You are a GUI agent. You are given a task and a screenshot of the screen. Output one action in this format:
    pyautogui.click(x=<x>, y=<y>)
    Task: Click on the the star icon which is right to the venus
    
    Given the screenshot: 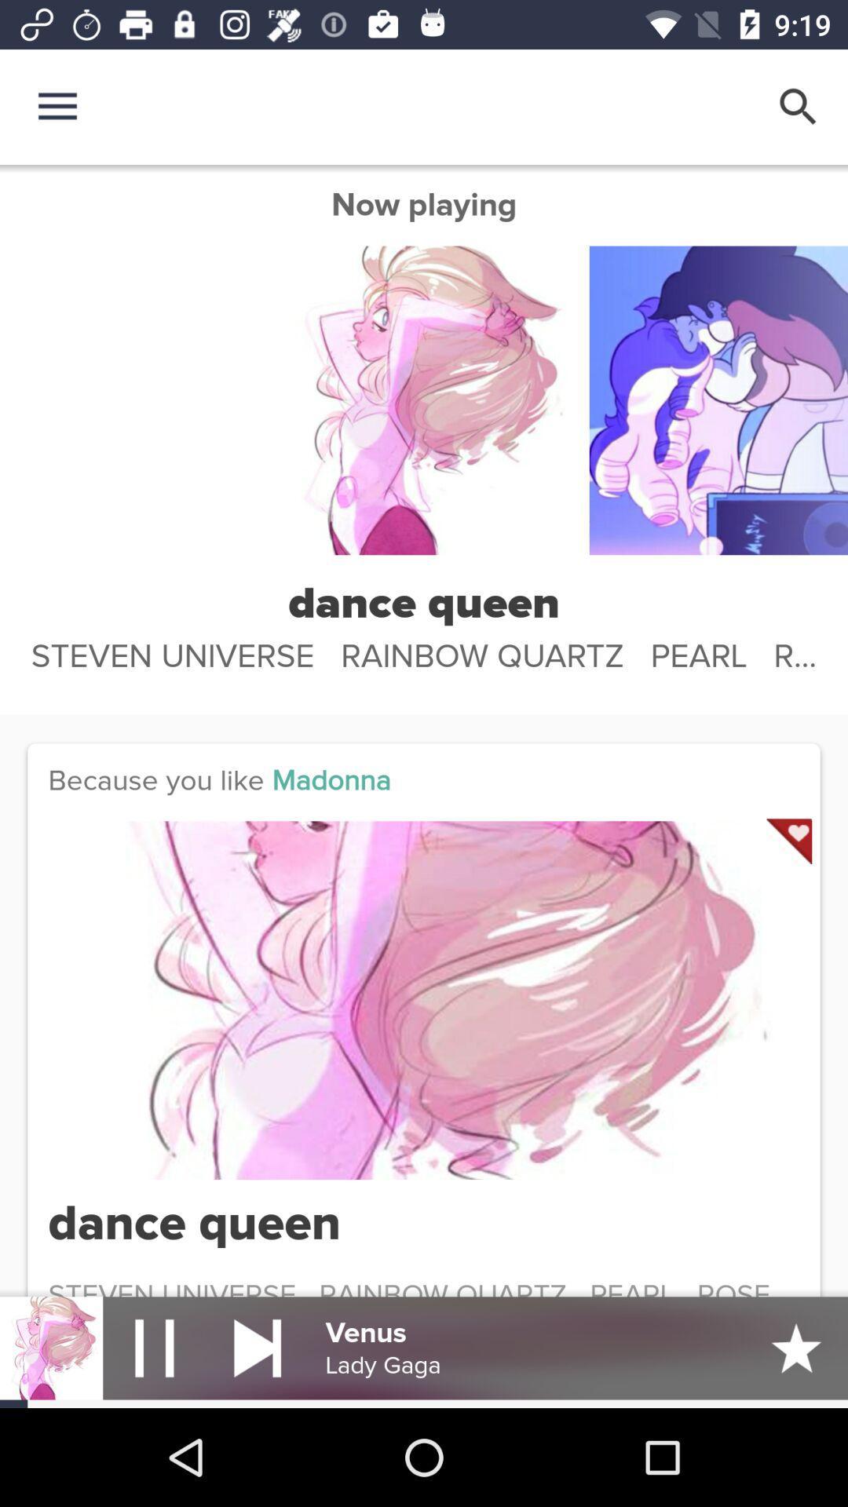 What is the action you would take?
    pyautogui.click(x=796, y=1348)
    